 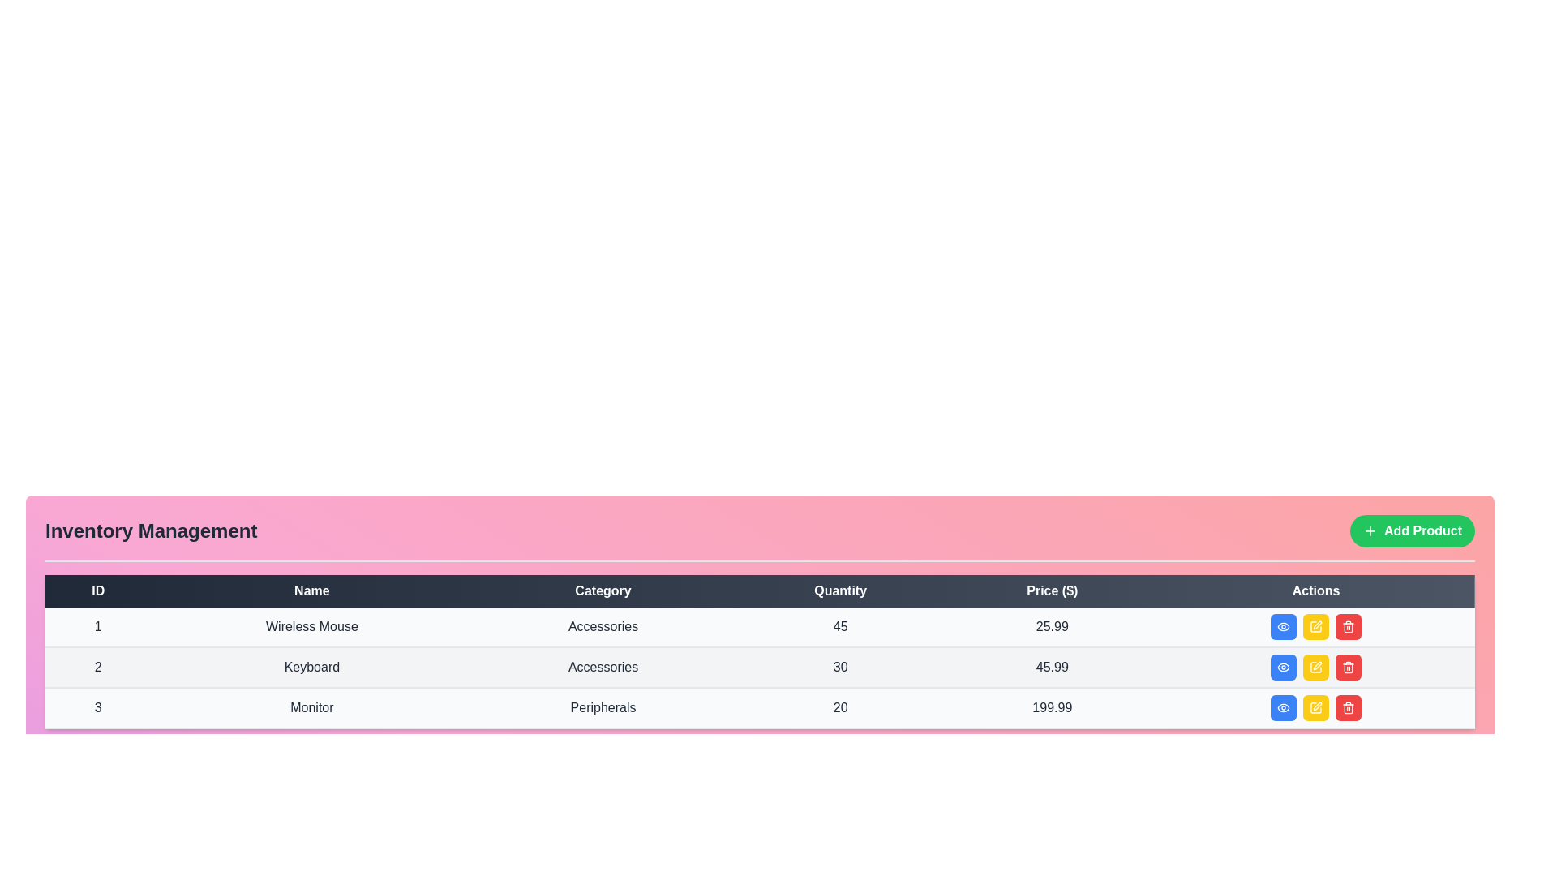 What do you see at coordinates (840, 591) in the screenshot?
I see `the 'Quantity' column header in the table, which is the fourth column label located between 'Category' and 'Price ($)'` at bounding box center [840, 591].